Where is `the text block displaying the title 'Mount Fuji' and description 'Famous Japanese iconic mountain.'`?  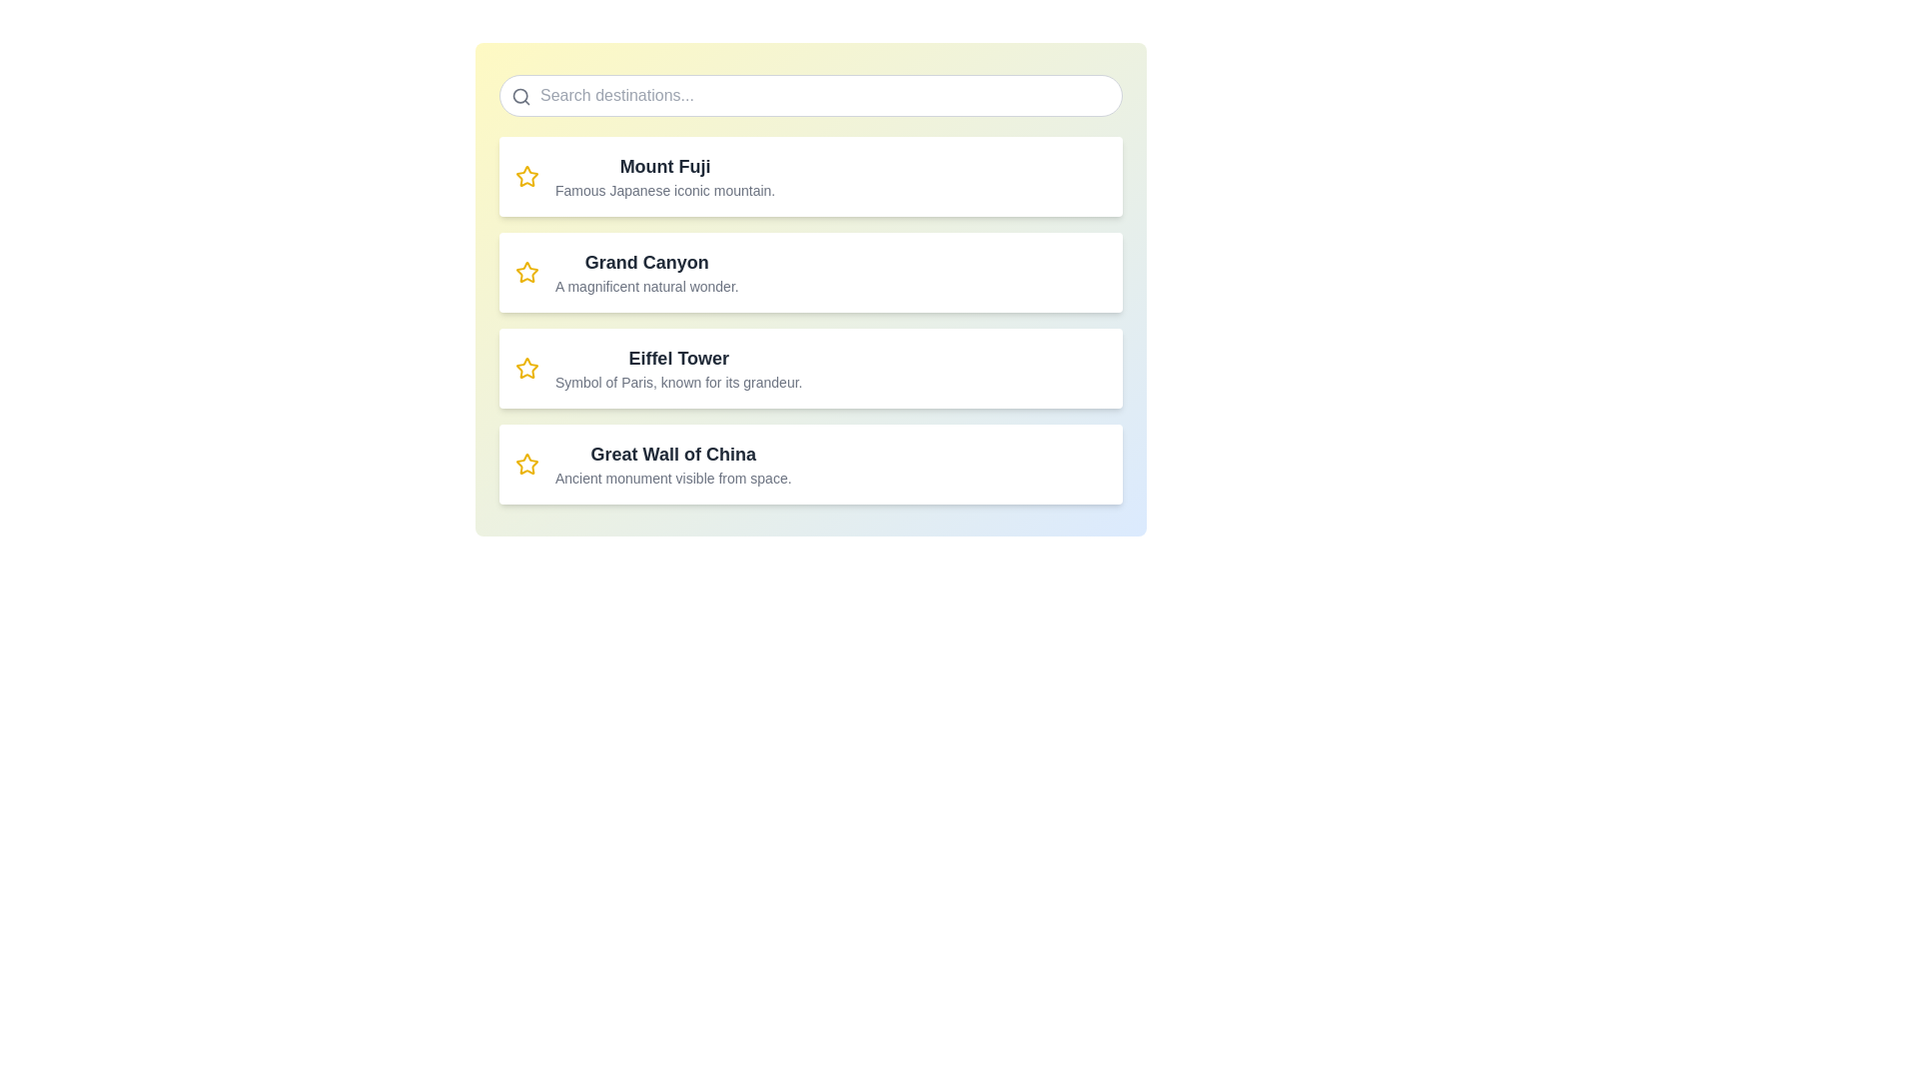 the text block displaying the title 'Mount Fuji' and description 'Famous Japanese iconic mountain.' is located at coordinates (665, 176).